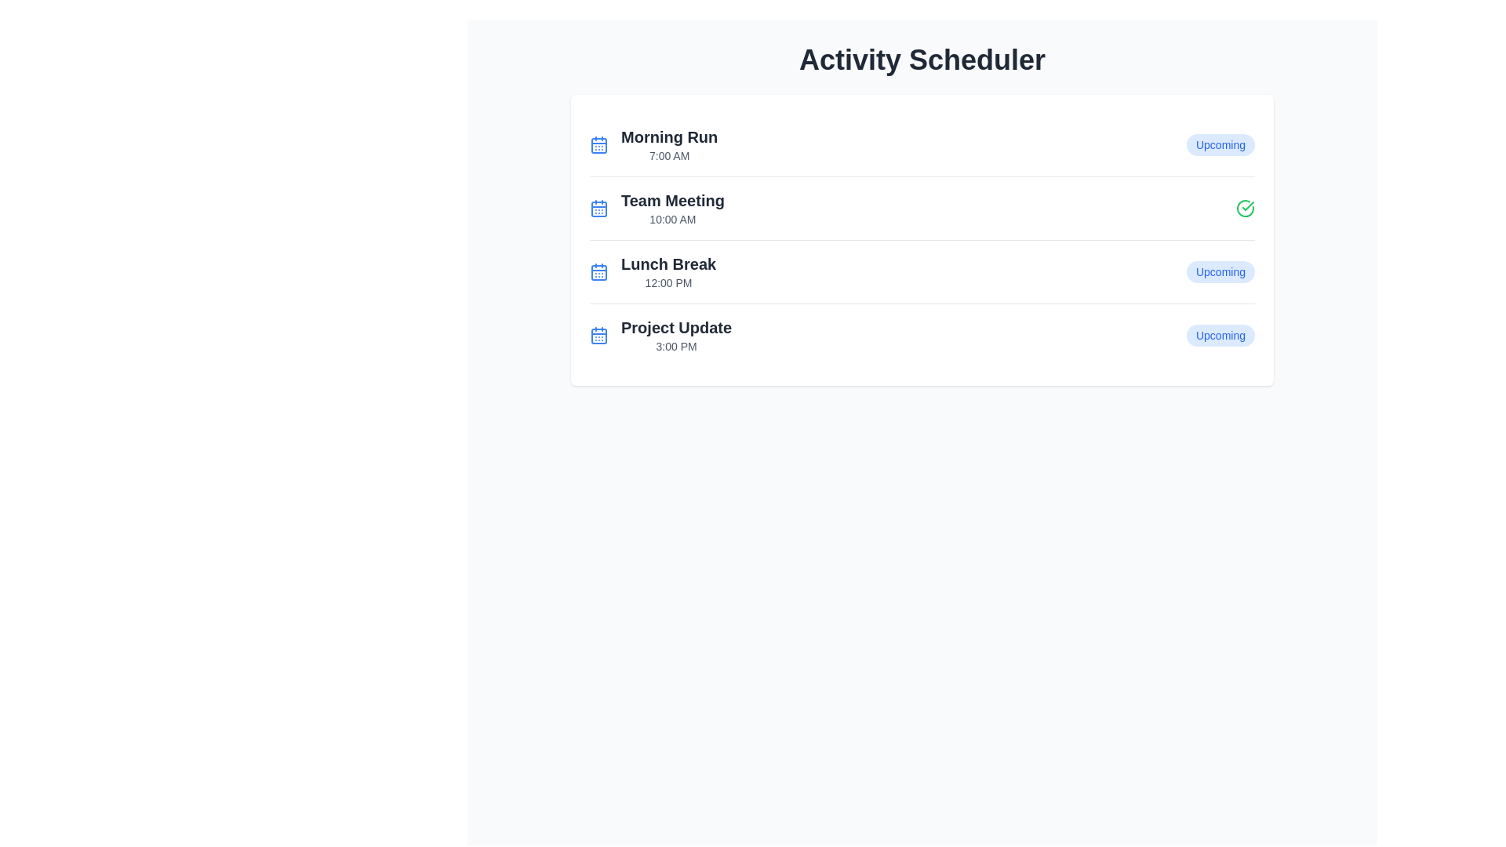 This screenshot has width=1506, height=847. Describe the element at coordinates (669, 145) in the screenshot. I see `displayed text about the activity titled 'Morning Run' scheduled at '7:00 AM' located at the top of the activity schedule list, adjacent to the blue calendar icon` at that location.